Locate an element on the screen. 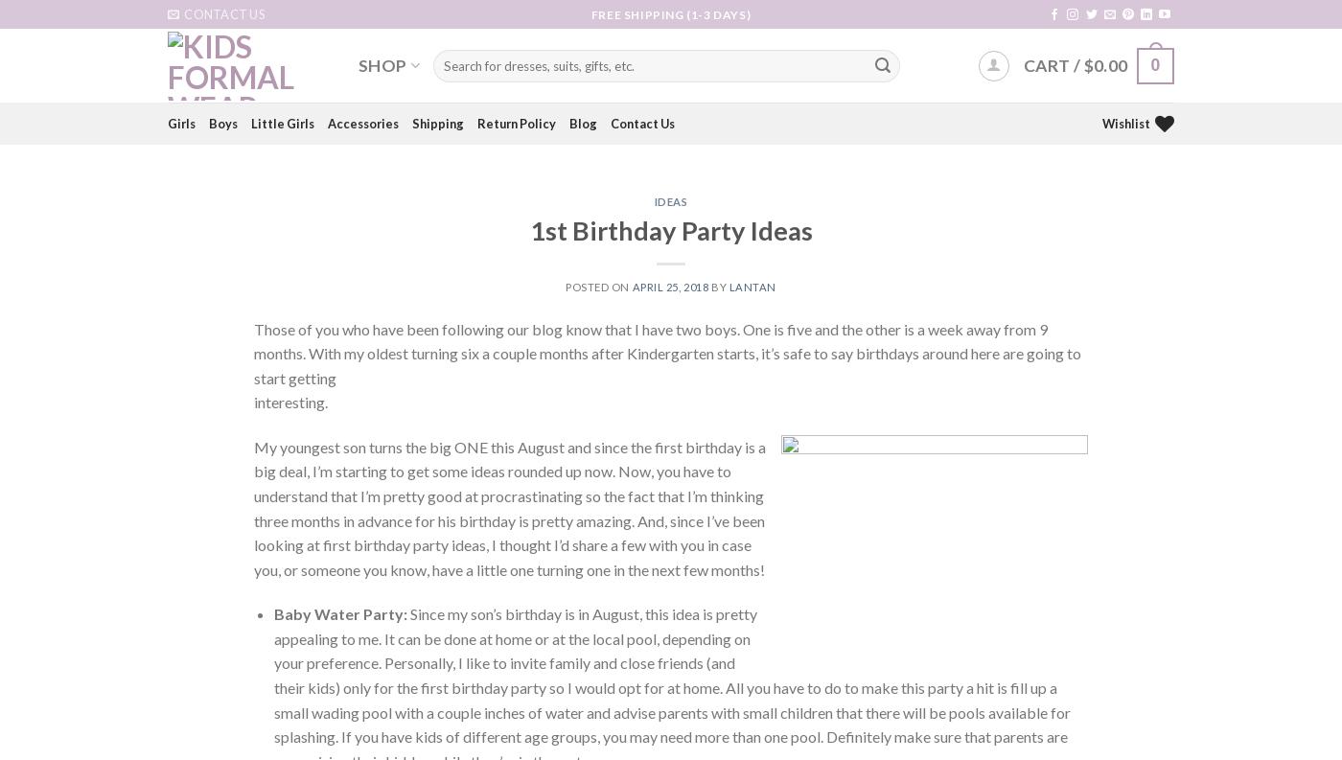 Image resolution: width=1342 pixels, height=760 pixels. 'Ideas' is located at coordinates (670, 200).